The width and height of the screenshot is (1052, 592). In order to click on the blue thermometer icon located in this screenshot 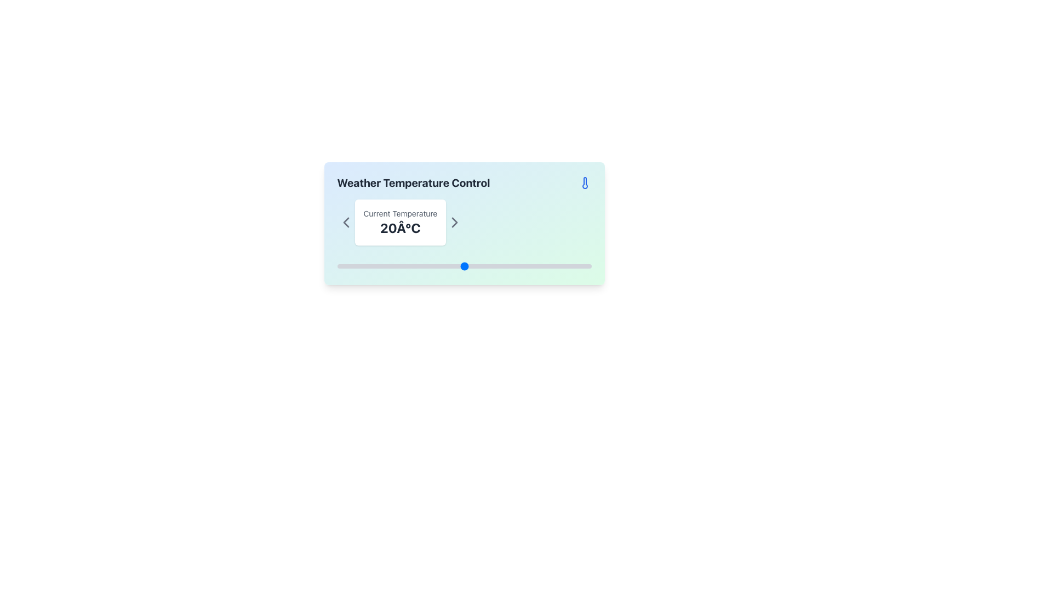, I will do `click(584, 183)`.